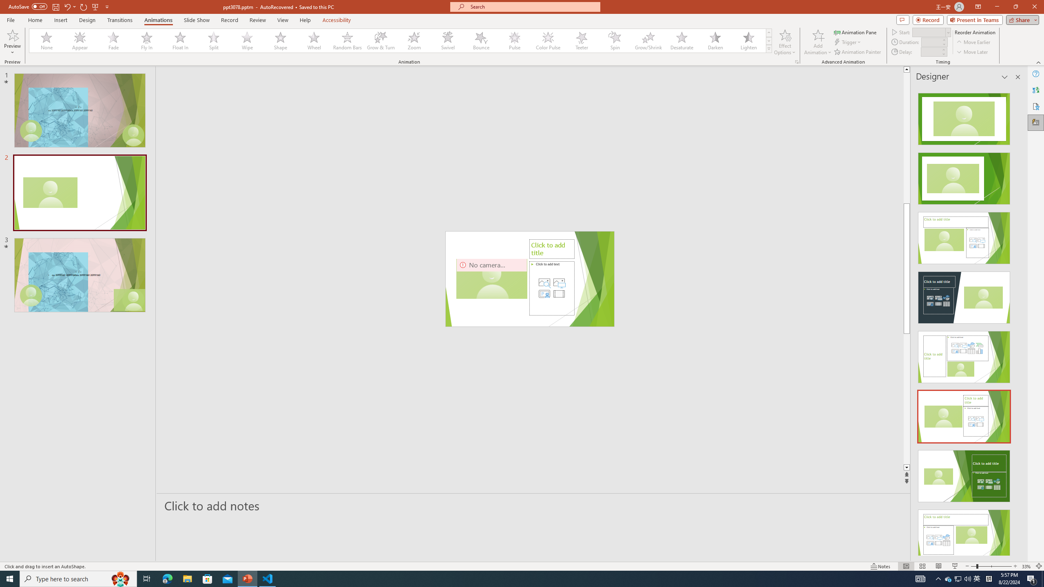 This screenshot has height=587, width=1044. What do you see at coordinates (1020, 19) in the screenshot?
I see `'Share'` at bounding box center [1020, 19].